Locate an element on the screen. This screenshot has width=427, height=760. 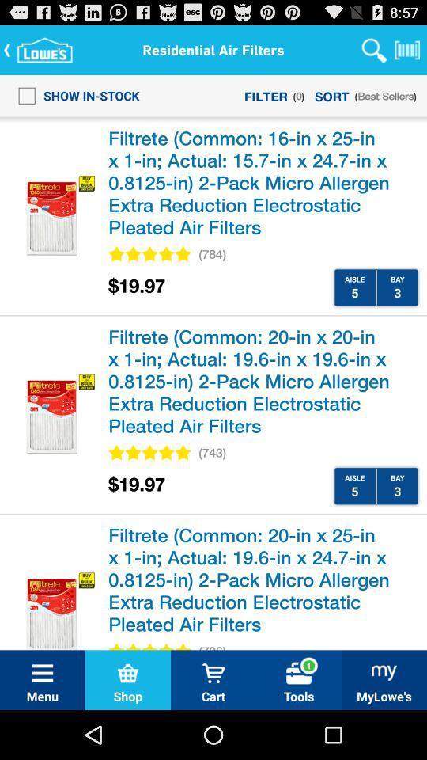
(743) icon is located at coordinates (212, 453).